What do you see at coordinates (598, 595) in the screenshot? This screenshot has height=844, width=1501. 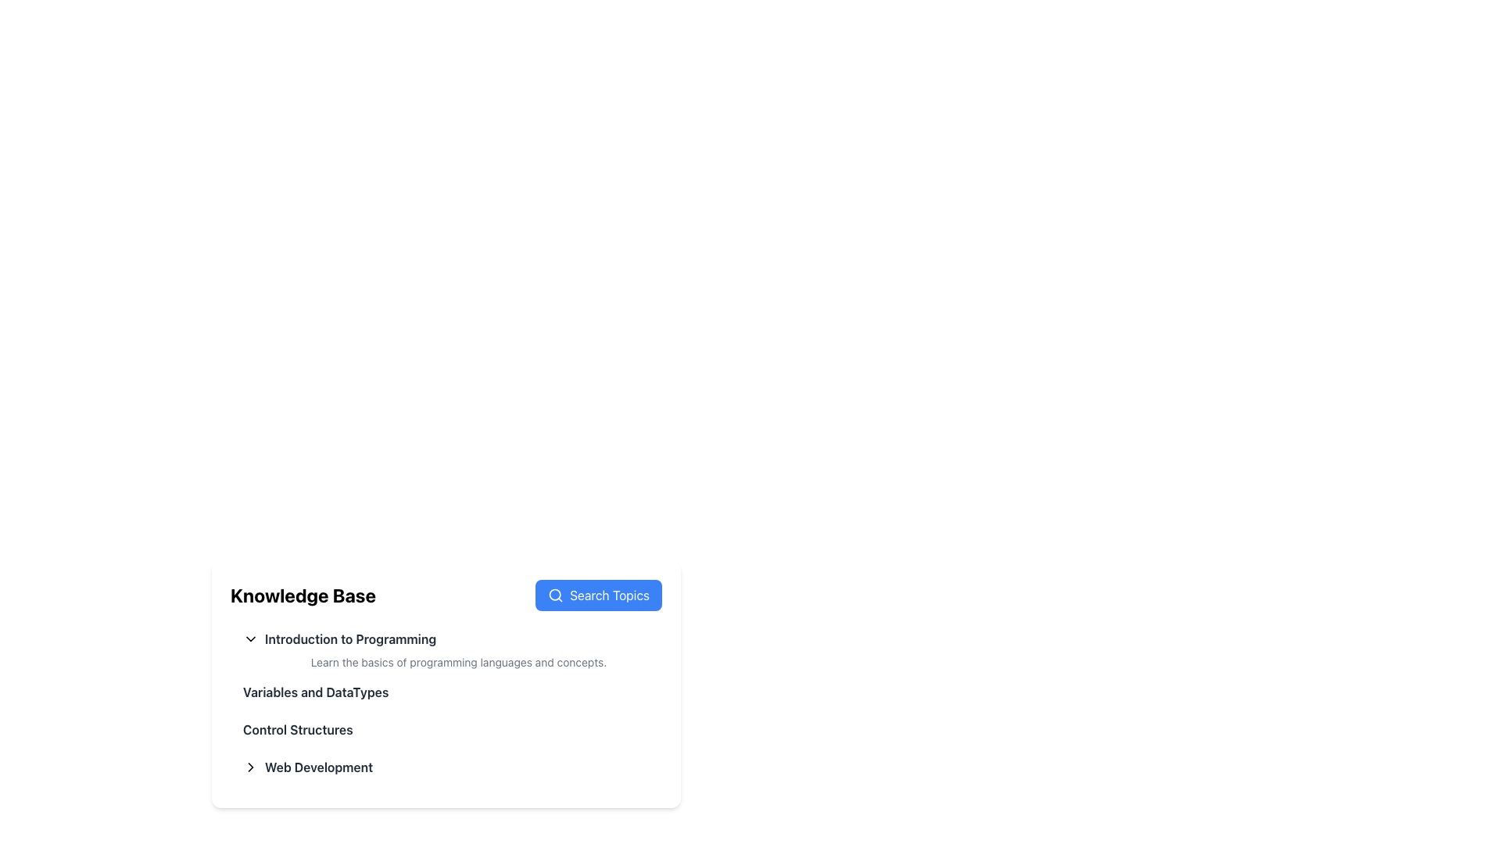 I see `the search button located on the right side of the 'Knowledge Base' heading to initiate a search operation` at bounding box center [598, 595].